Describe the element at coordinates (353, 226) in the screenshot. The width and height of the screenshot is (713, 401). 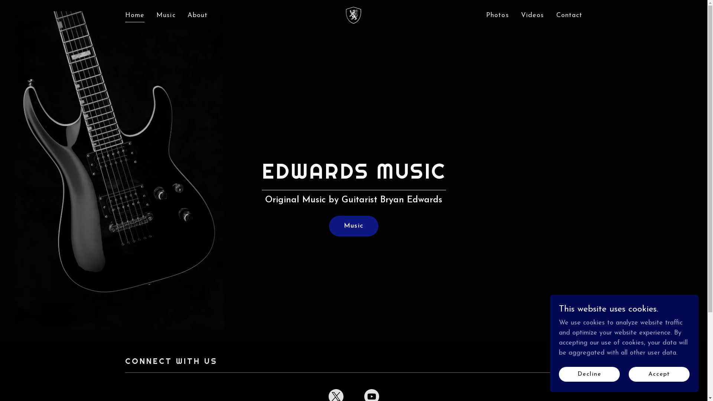
I see `'Music'` at that location.